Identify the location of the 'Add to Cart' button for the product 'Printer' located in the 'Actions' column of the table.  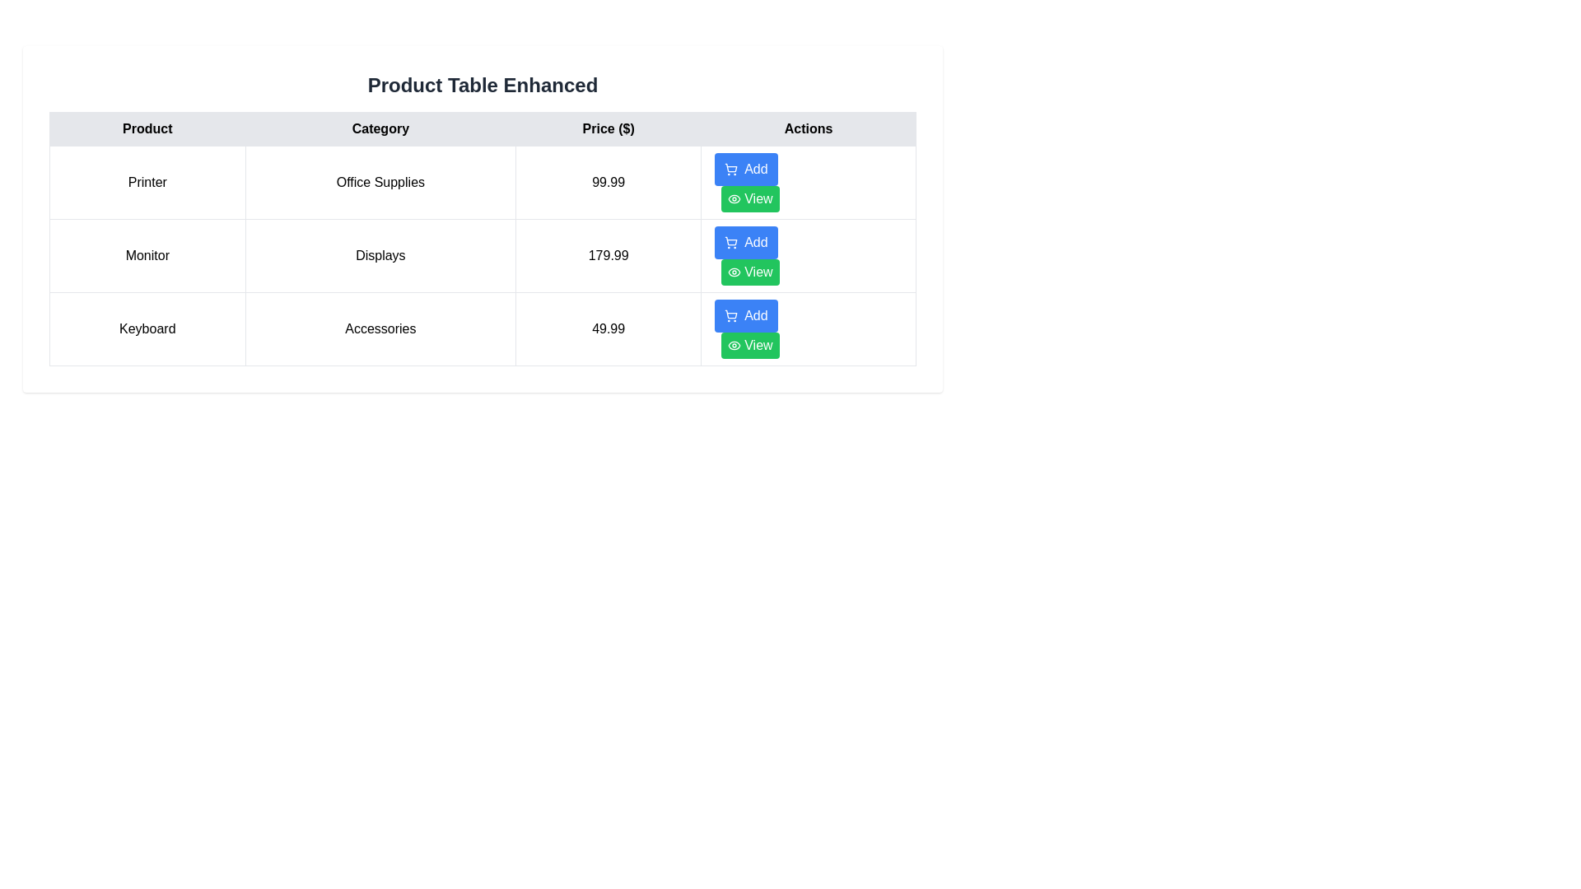
(745, 169).